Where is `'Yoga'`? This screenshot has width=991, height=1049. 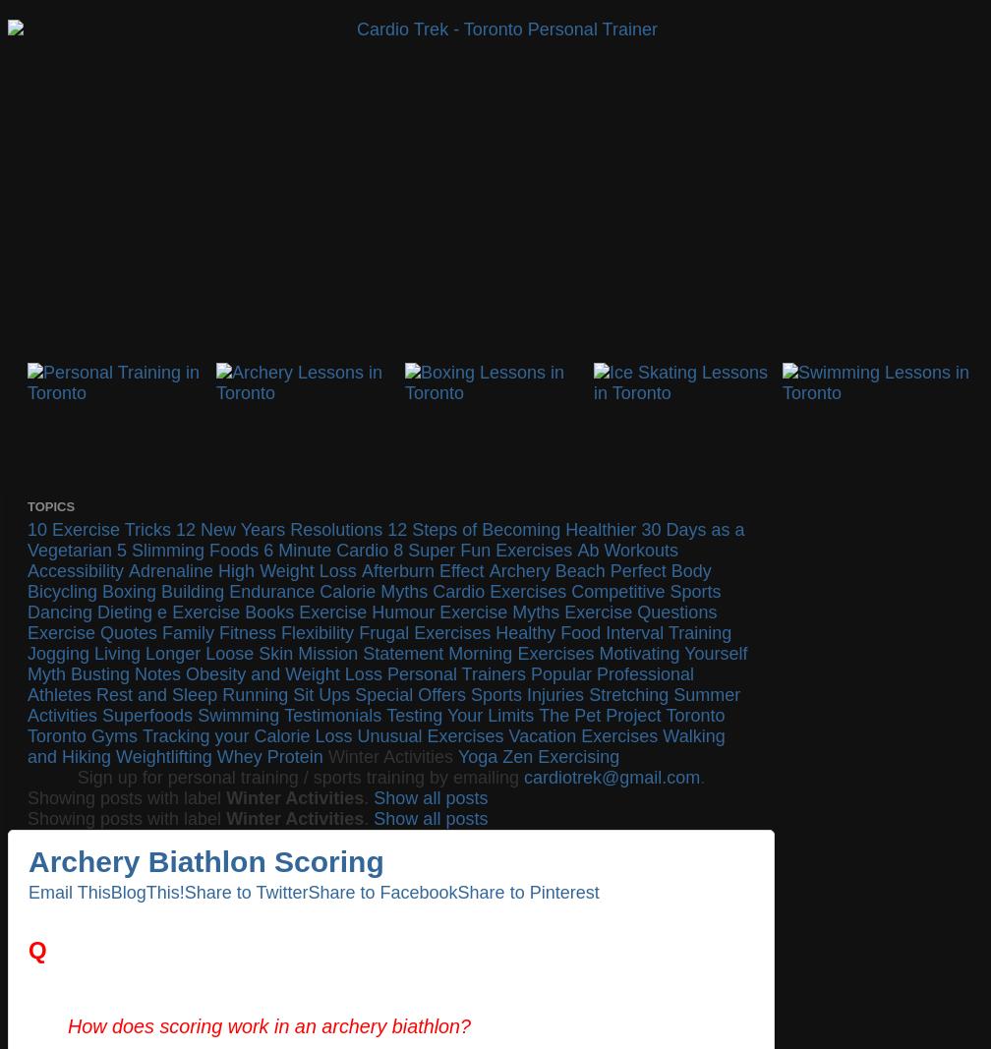 'Yoga' is located at coordinates (477, 755).